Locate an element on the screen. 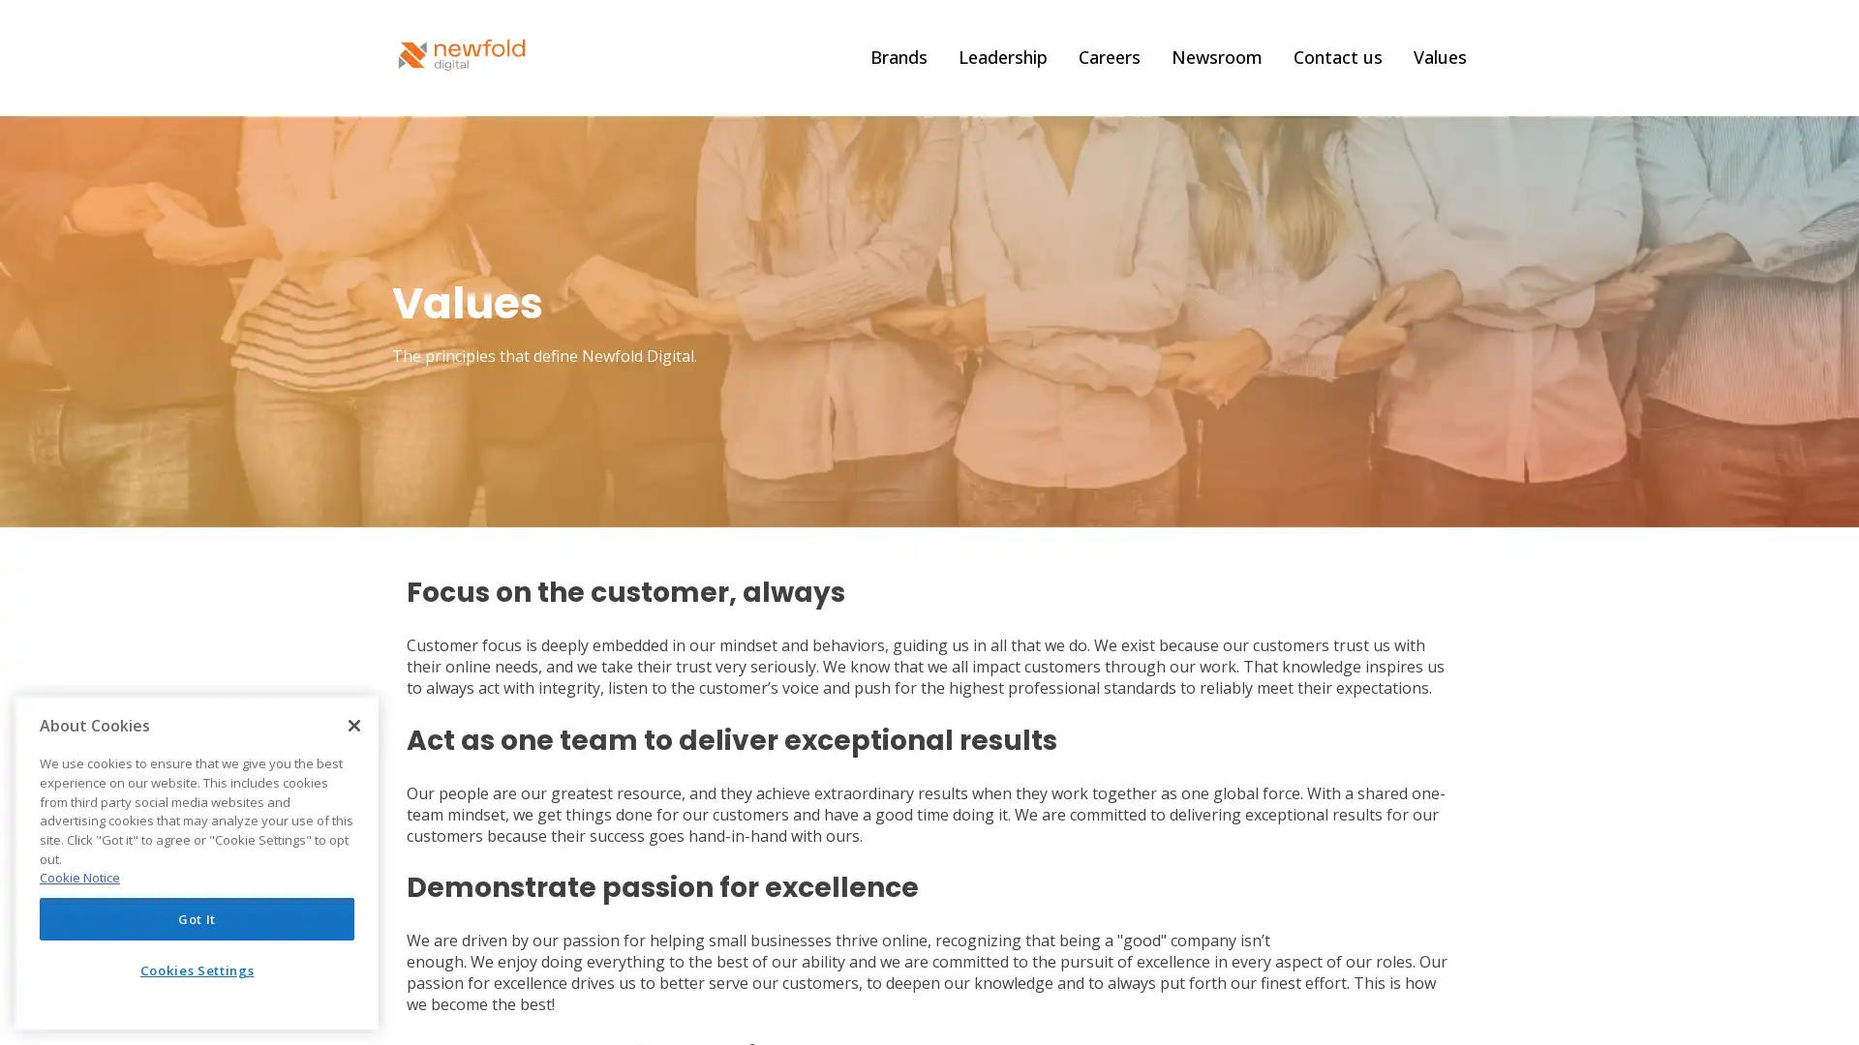 The height and width of the screenshot is (1045, 1859). Got It is located at coordinates (197, 917).